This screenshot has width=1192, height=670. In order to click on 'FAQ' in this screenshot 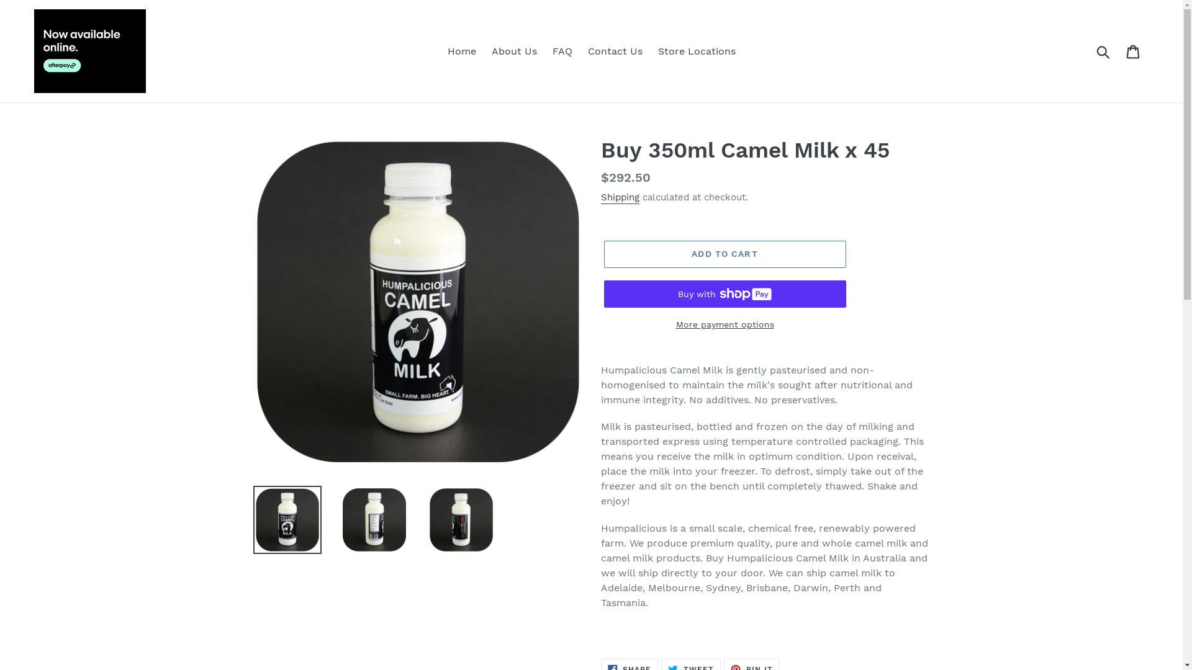, I will do `click(562, 51)`.